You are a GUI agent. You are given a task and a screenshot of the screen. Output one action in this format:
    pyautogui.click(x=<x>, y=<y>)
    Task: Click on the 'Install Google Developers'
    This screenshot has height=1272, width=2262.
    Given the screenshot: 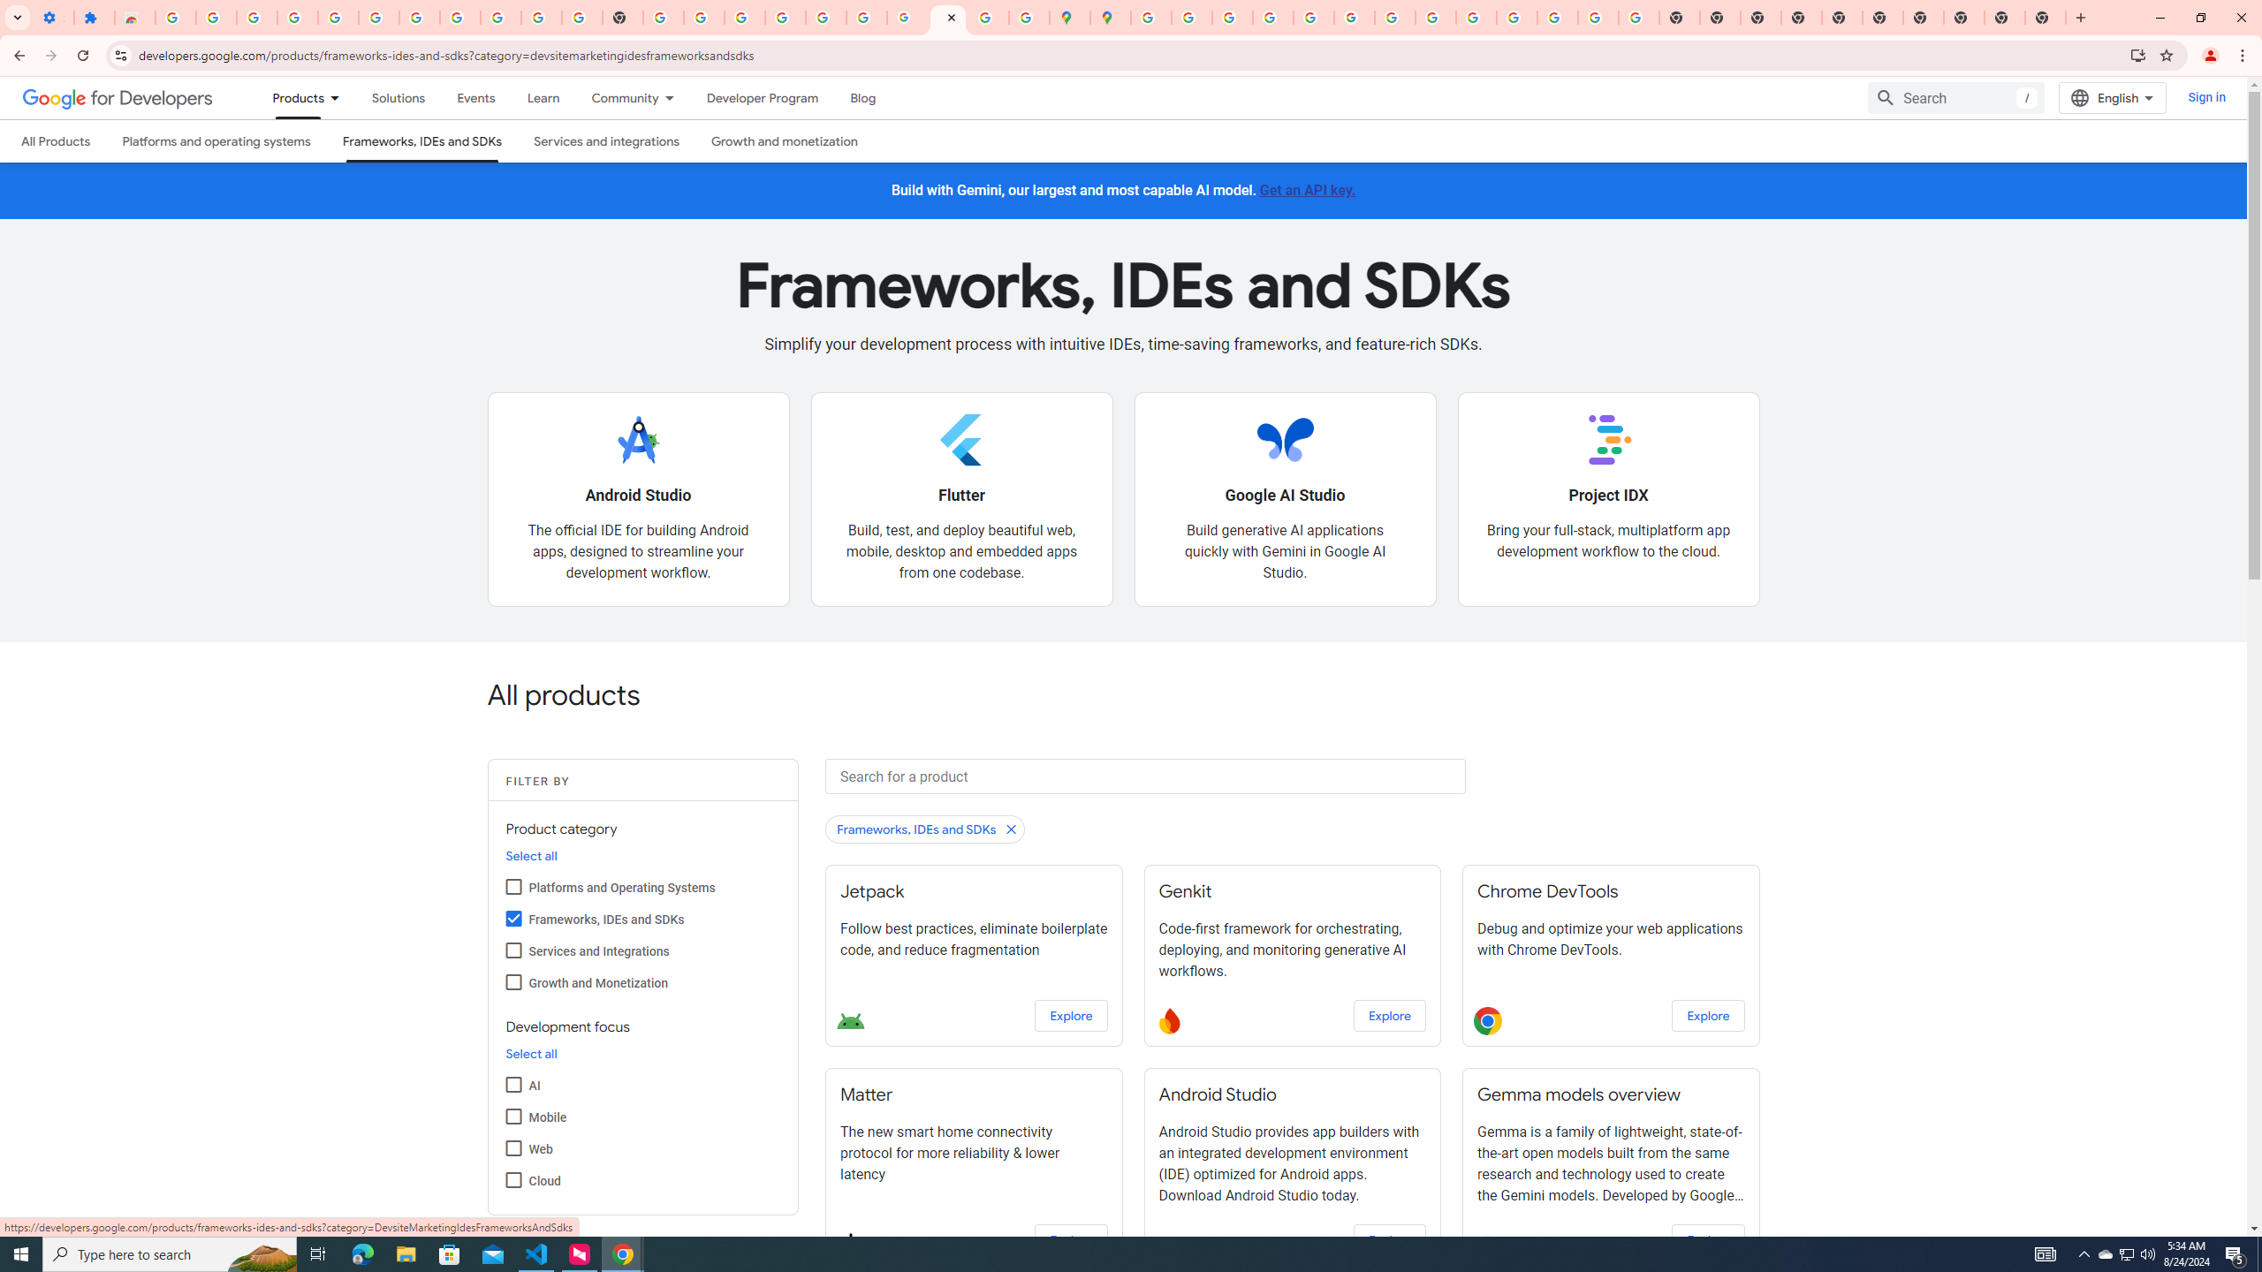 What is the action you would take?
    pyautogui.click(x=2138, y=54)
    